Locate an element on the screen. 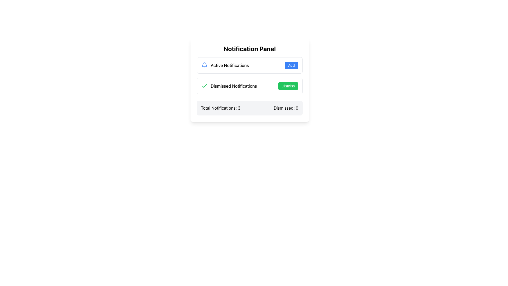  the Text Label that identifies a section related to dismissed notifications, located between a green checkmark icon and a green 'Dismiss' button is located at coordinates (233, 86).